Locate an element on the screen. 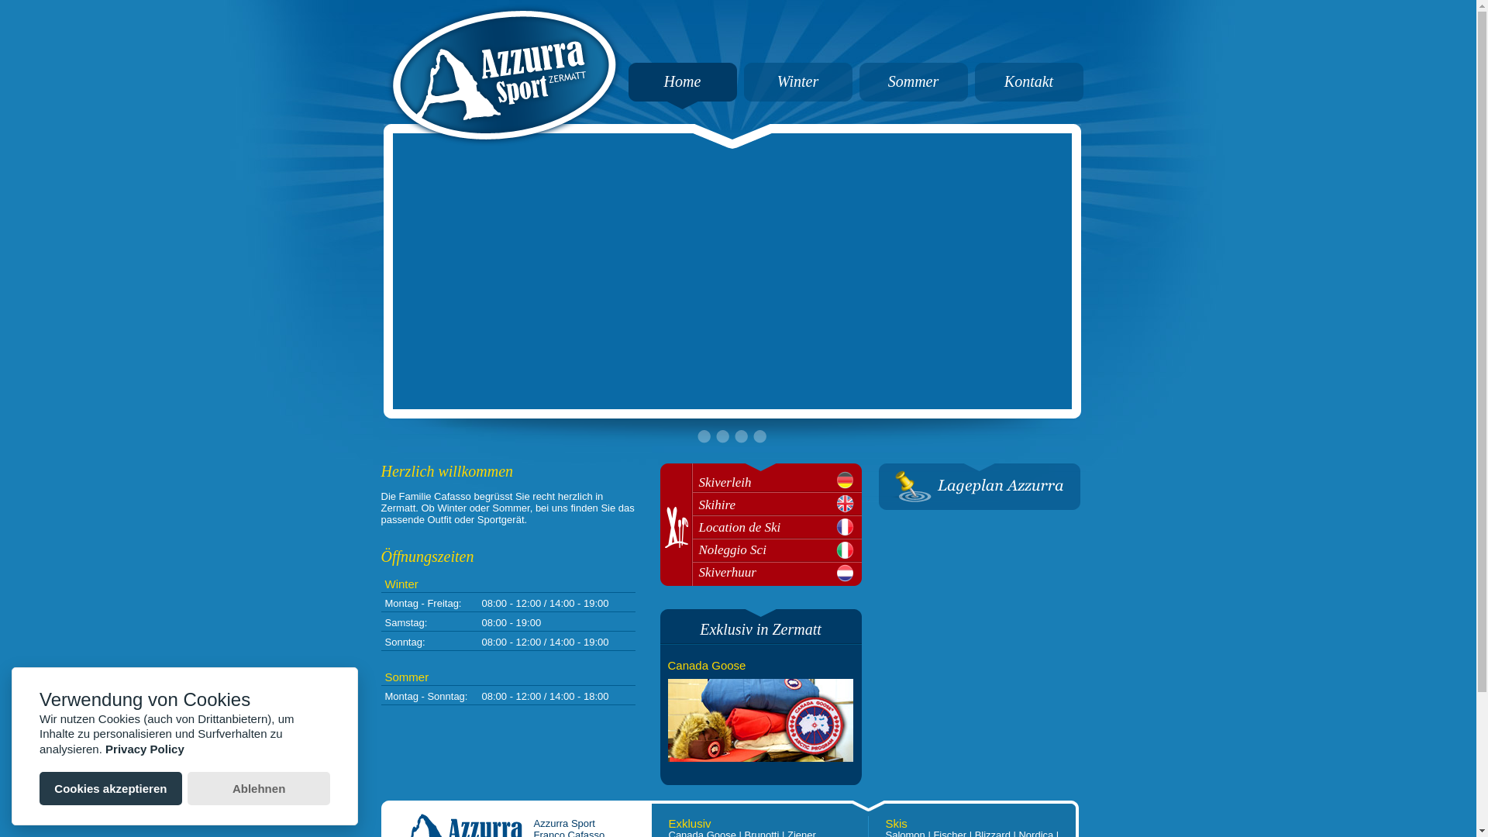 The image size is (1488, 837). 'Skihire' is located at coordinates (780, 505).